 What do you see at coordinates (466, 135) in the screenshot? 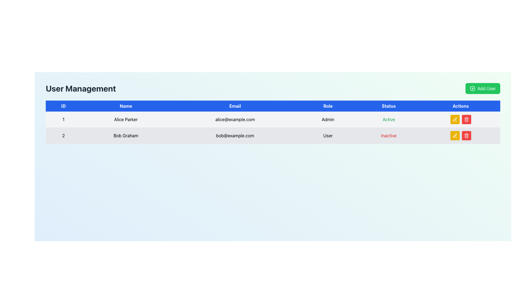
I see `the delete action icon located in the second row of the user table under the Actions column, which is nested within a red button and situated to the right of a yellow edit icon button` at bounding box center [466, 135].